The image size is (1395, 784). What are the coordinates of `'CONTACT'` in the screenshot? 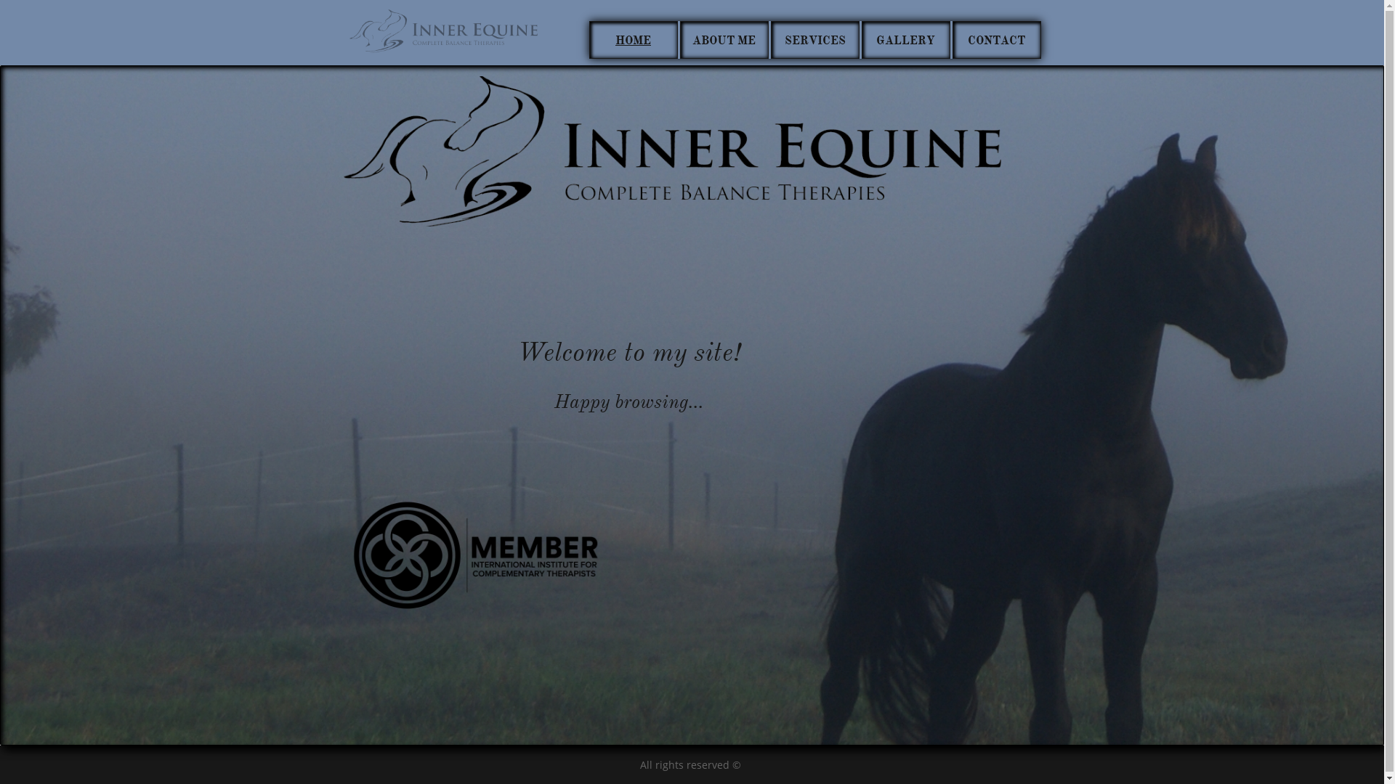 It's located at (995, 38).